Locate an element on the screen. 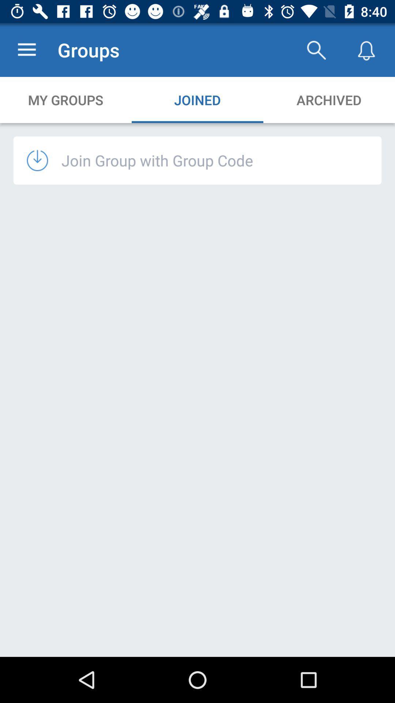 This screenshot has height=703, width=395. the app to the right of groups icon is located at coordinates (316, 49).